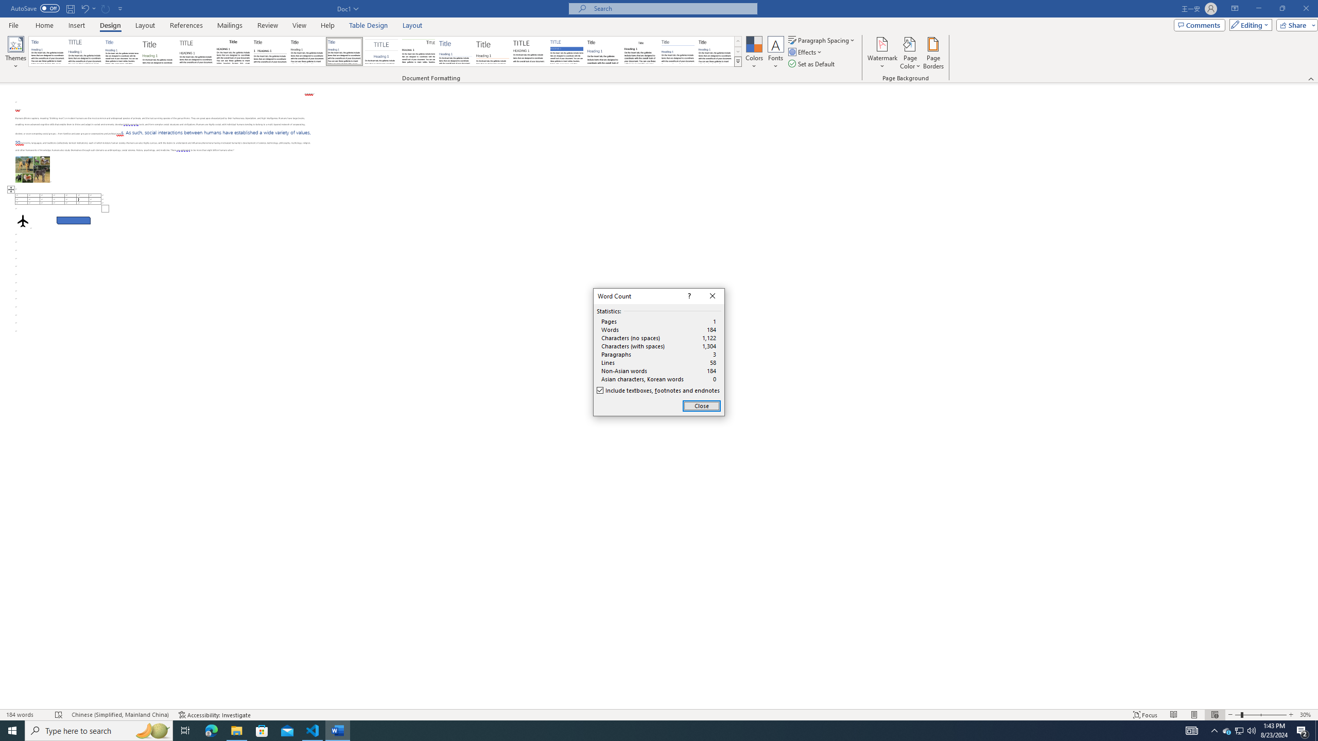  I want to click on 'Table Design', so click(369, 25).